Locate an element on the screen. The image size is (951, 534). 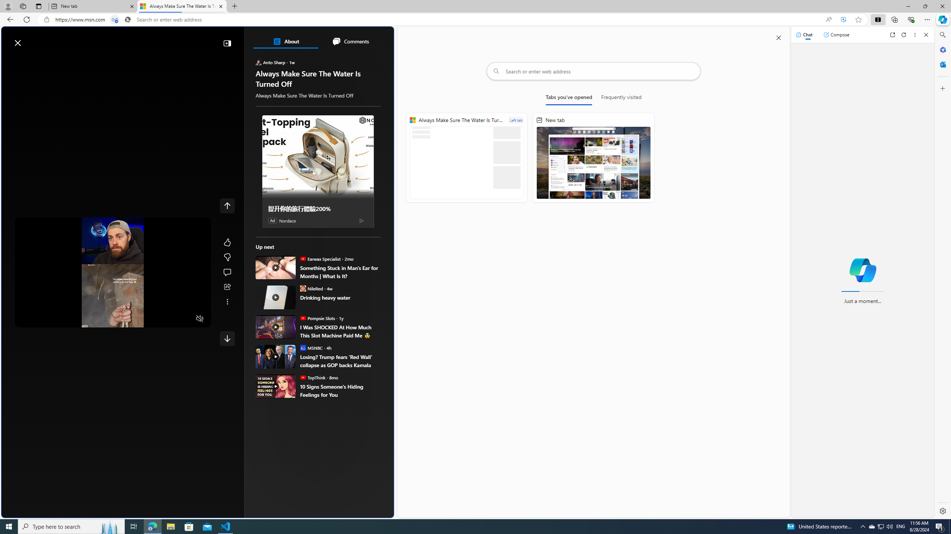
'Enhance video' is located at coordinates (843, 20).